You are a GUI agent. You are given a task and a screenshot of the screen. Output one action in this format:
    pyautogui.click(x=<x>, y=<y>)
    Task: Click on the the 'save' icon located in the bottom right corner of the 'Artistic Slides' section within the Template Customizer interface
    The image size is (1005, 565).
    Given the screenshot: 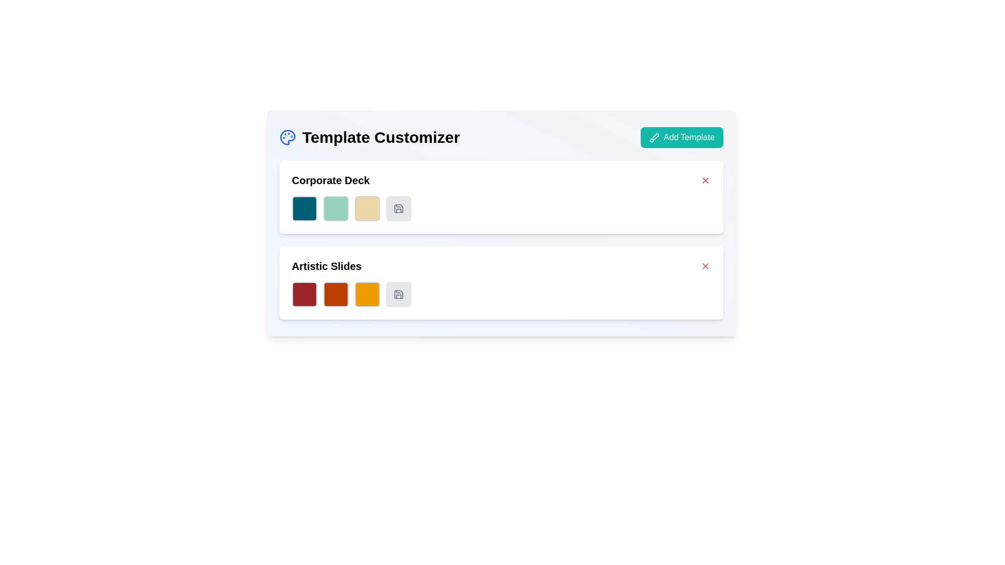 What is the action you would take?
    pyautogui.click(x=398, y=295)
    